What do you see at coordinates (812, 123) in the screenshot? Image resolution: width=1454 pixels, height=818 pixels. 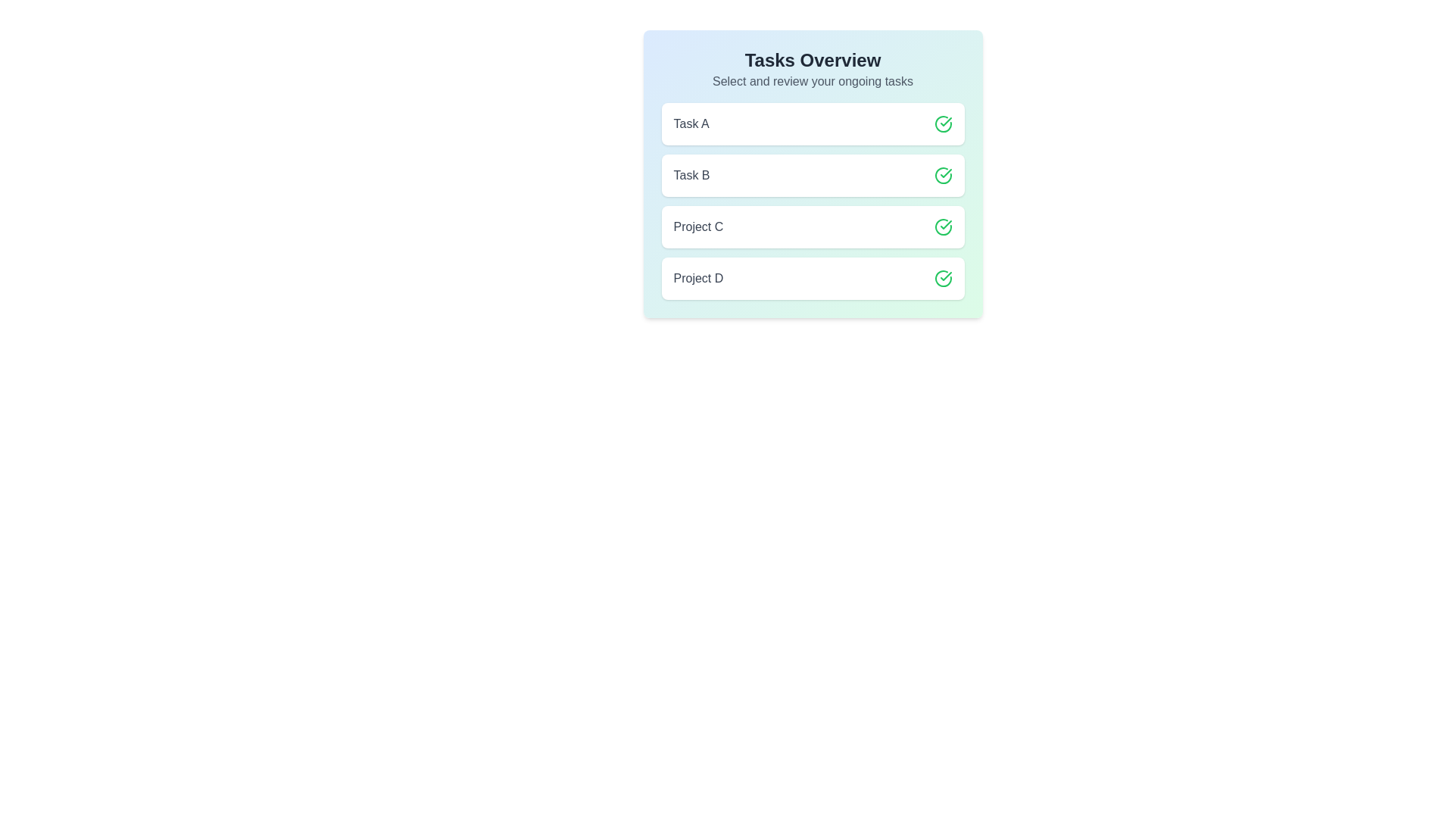 I see `the item Task A from the list` at bounding box center [812, 123].